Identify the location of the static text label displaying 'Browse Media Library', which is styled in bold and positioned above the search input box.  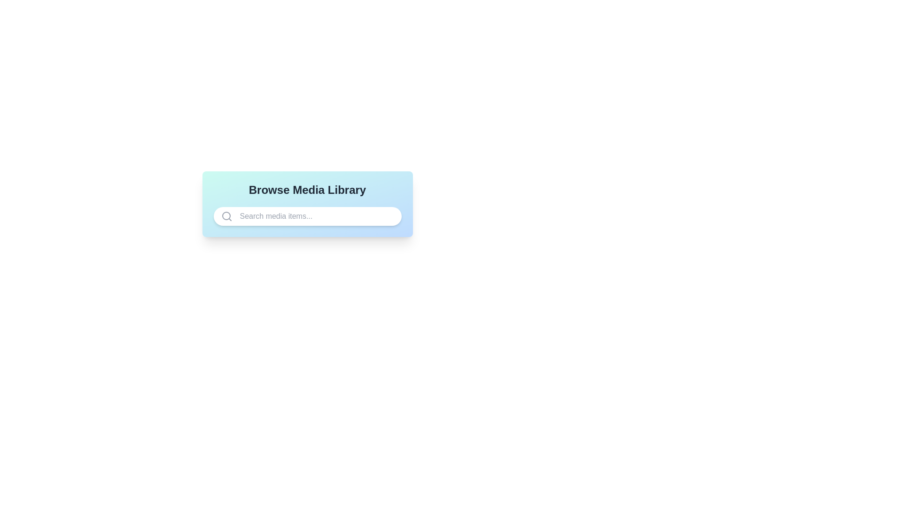
(307, 190).